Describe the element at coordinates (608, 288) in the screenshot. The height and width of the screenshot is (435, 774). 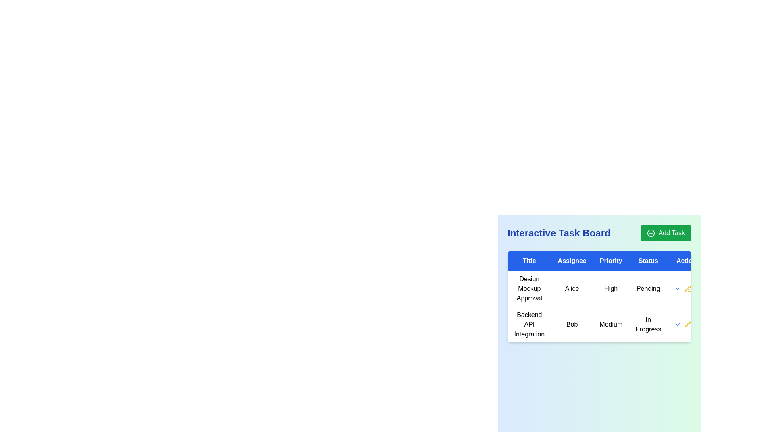
I see `displayed information from the text label that shows 'Design Mockup Approval Alice High Pending', which is centered in the first row of a table and has a white background with black sans-serif font` at that location.